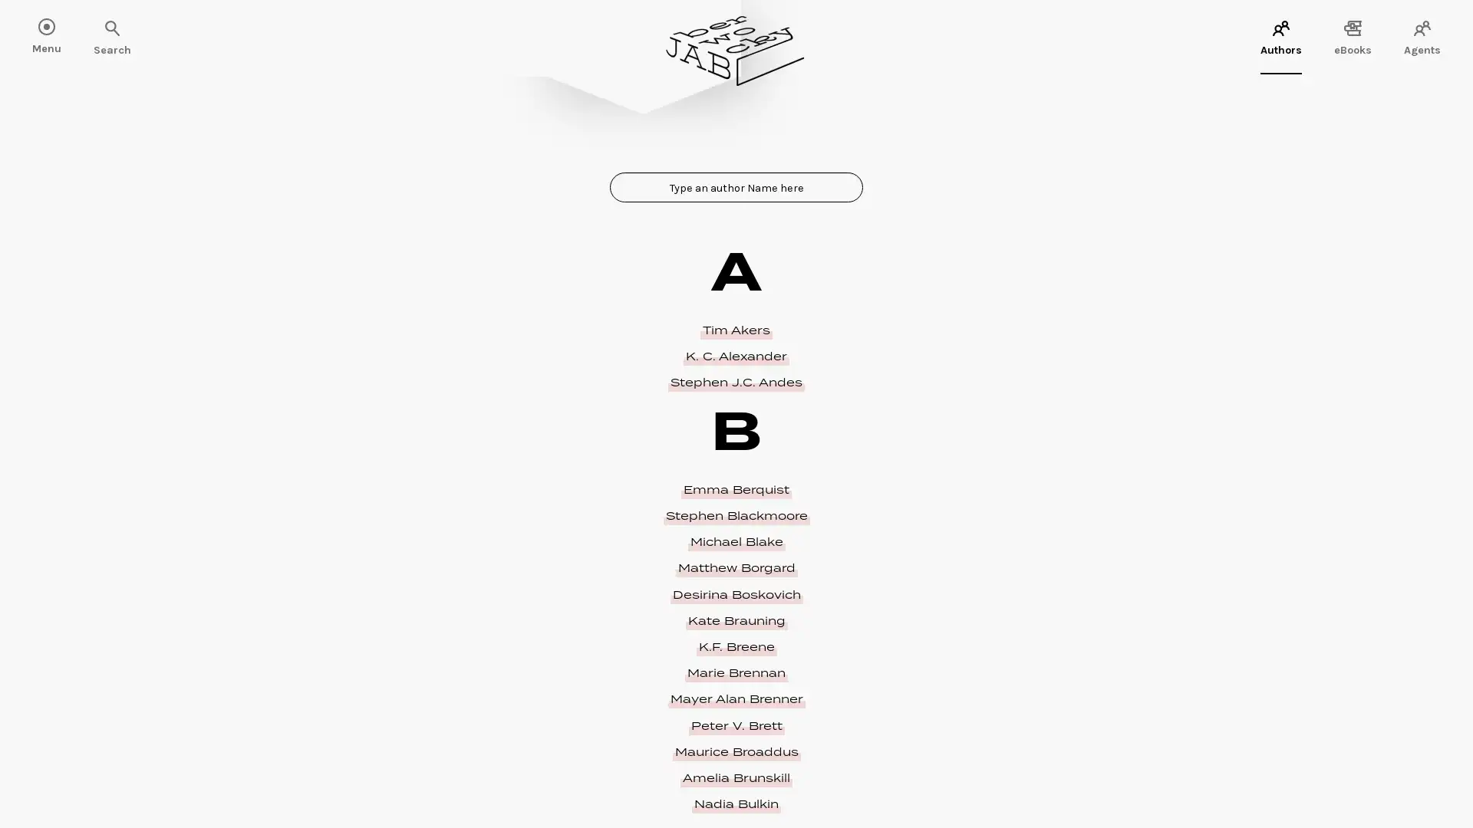 The image size is (1473, 828). I want to click on Search, so click(61, 29).